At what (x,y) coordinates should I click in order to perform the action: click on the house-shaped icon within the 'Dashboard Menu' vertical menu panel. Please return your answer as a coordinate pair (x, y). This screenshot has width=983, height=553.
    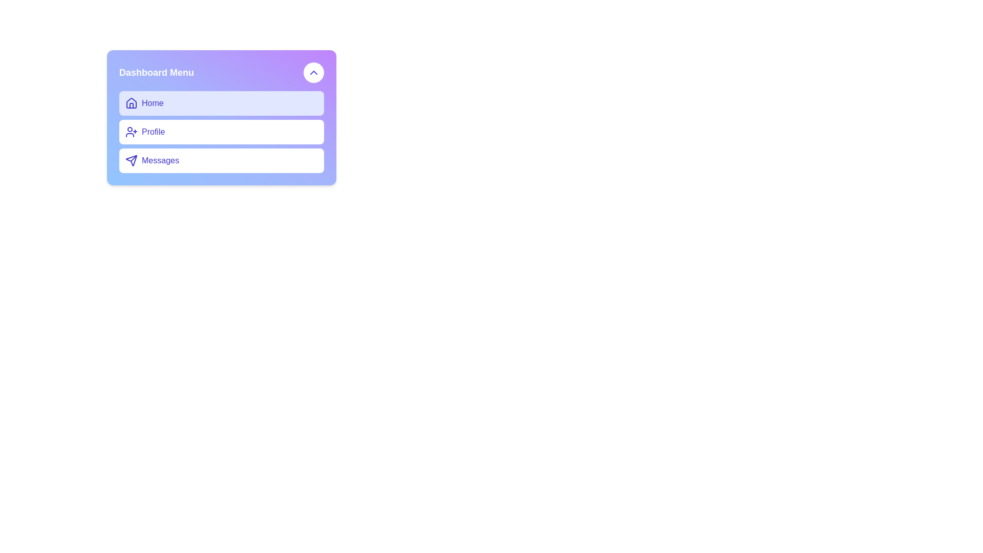
    Looking at the image, I should click on (131, 103).